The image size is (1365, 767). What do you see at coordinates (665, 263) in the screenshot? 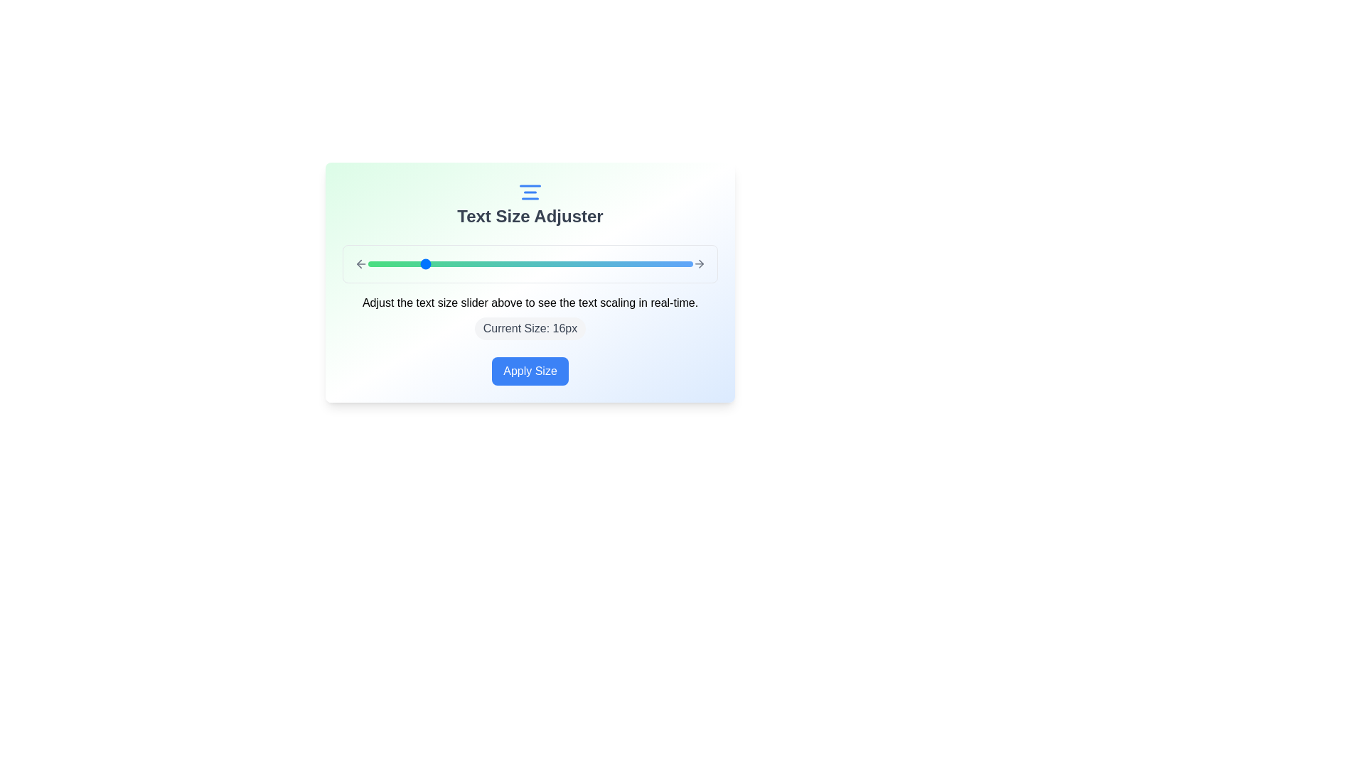
I see `the text size slider to 34 px` at bounding box center [665, 263].